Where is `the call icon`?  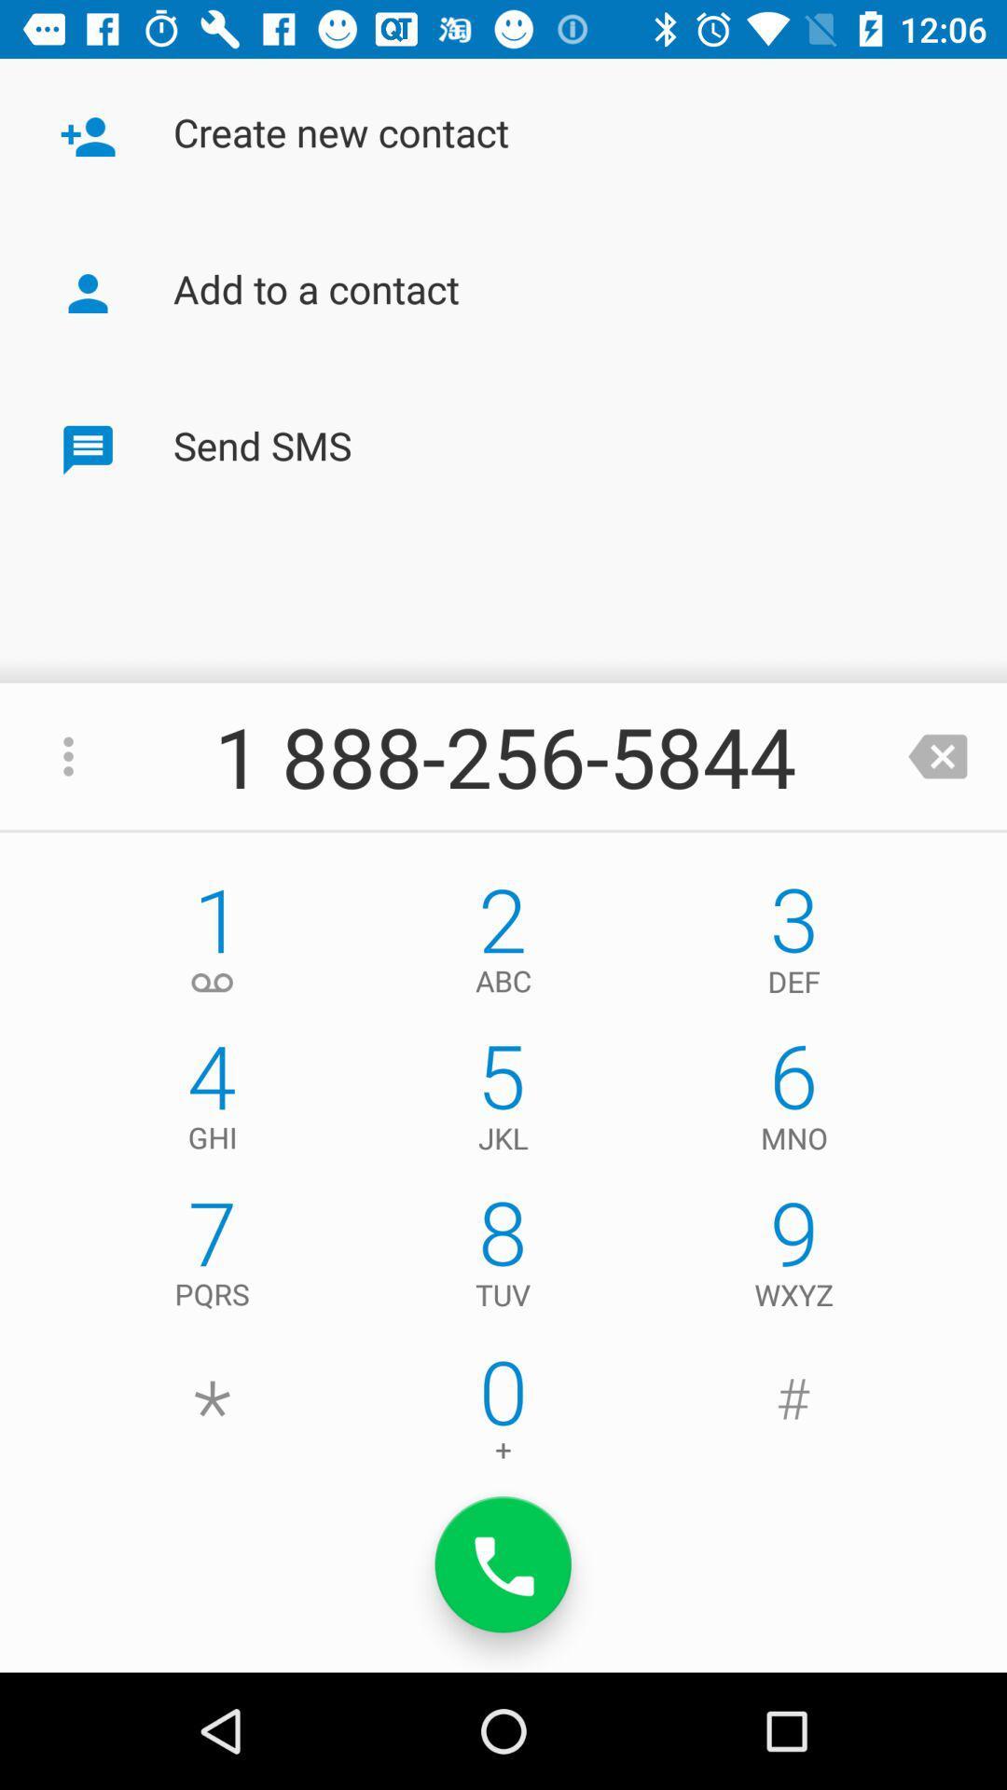 the call icon is located at coordinates (504, 1564).